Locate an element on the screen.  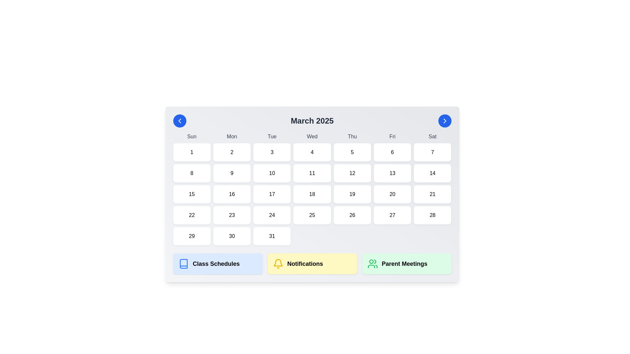
the Text Label indicating 'Thursday' in the calendar's representation of a week, located beneath the 'March 2025' header is located at coordinates (352, 136).